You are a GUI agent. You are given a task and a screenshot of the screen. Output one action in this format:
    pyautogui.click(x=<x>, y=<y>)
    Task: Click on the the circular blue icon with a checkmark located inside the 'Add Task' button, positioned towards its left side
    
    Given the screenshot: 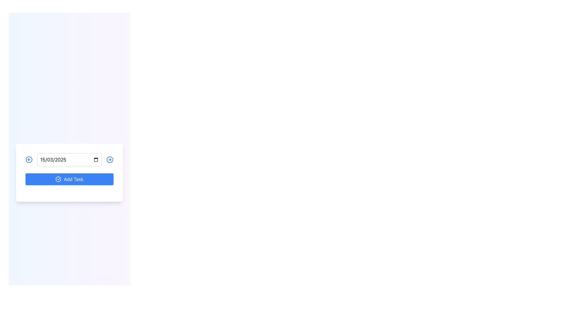 What is the action you would take?
    pyautogui.click(x=58, y=179)
    